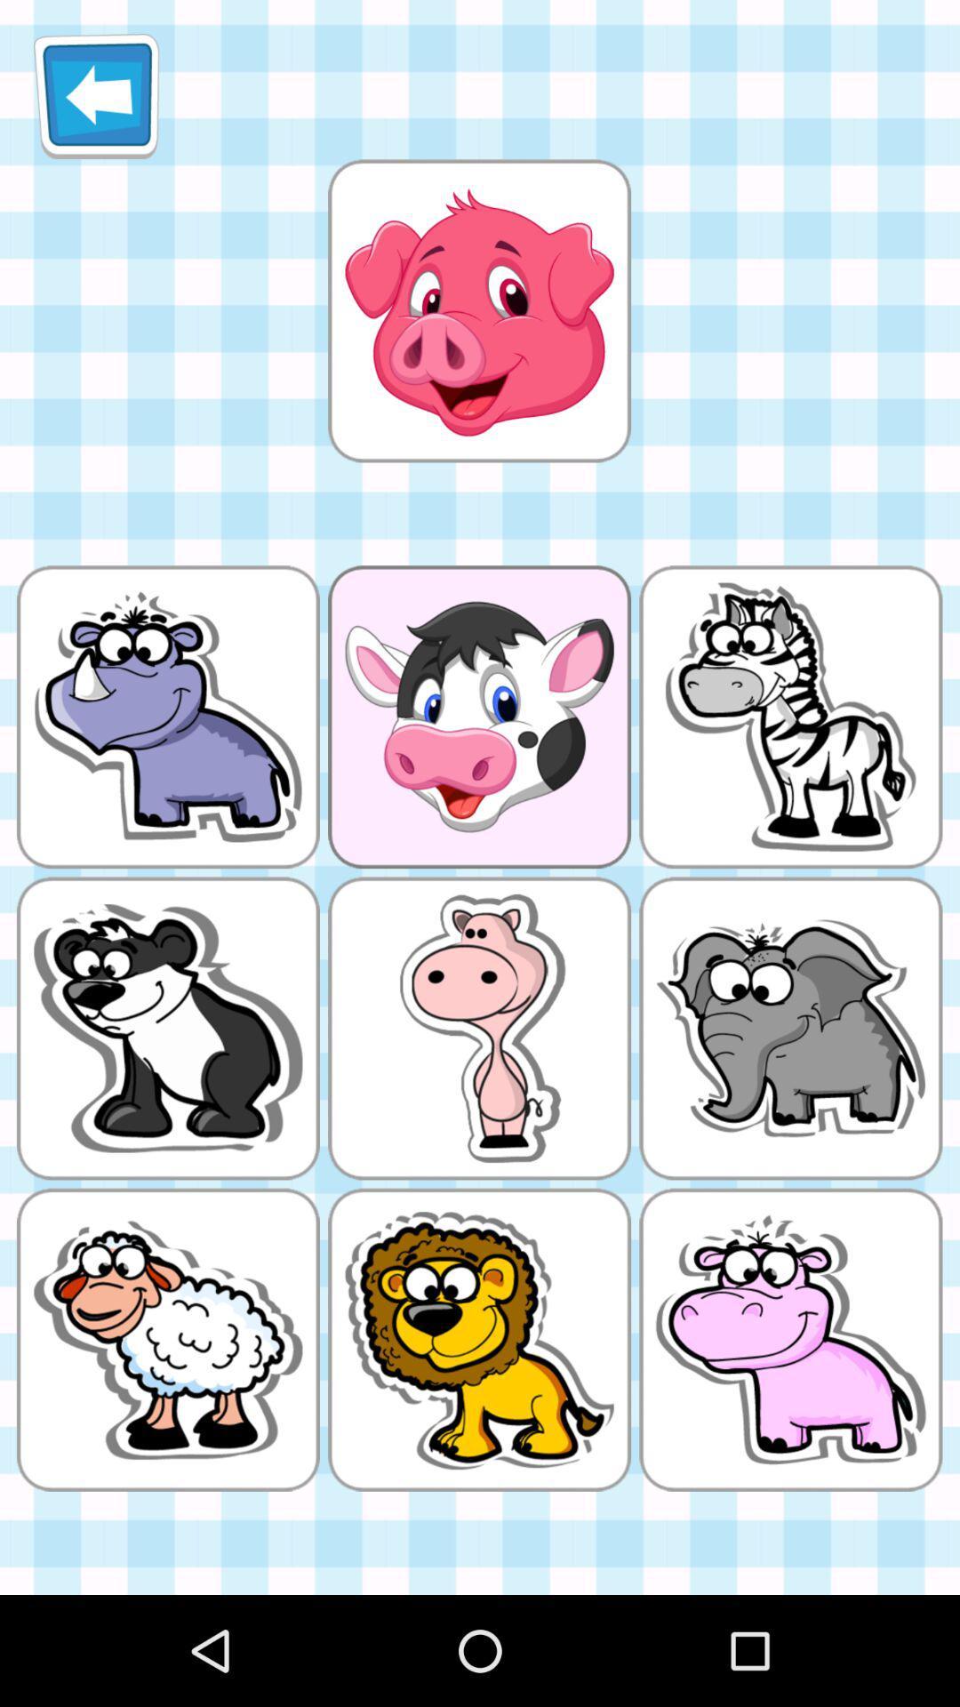 Image resolution: width=960 pixels, height=1707 pixels. What do you see at coordinates (96, 95) in the screenshot?
I see `return to previous screen` at bounding box center [96, 95].